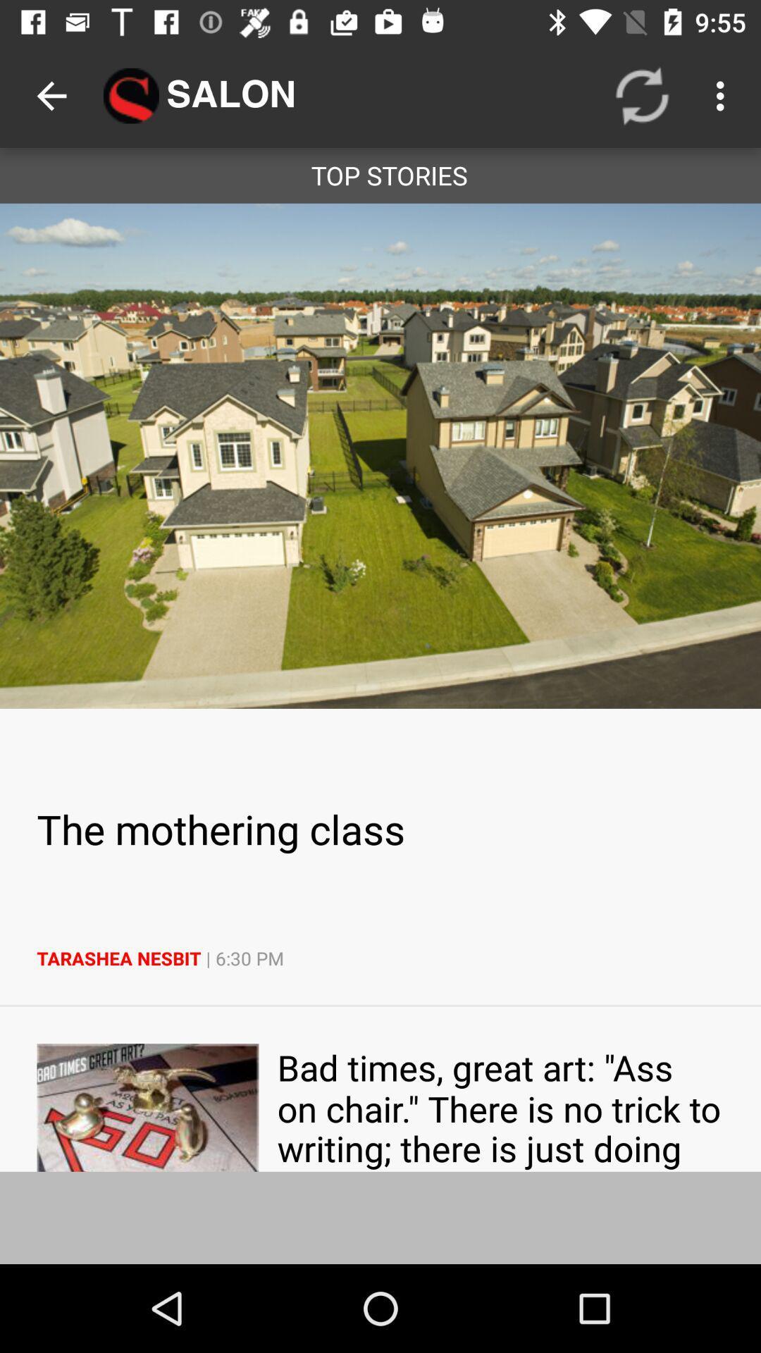 The image size is (761, 1353). Describe the element at coordinates (724, 95) in the screenshot. I see `icon above top stories icon` at that location.